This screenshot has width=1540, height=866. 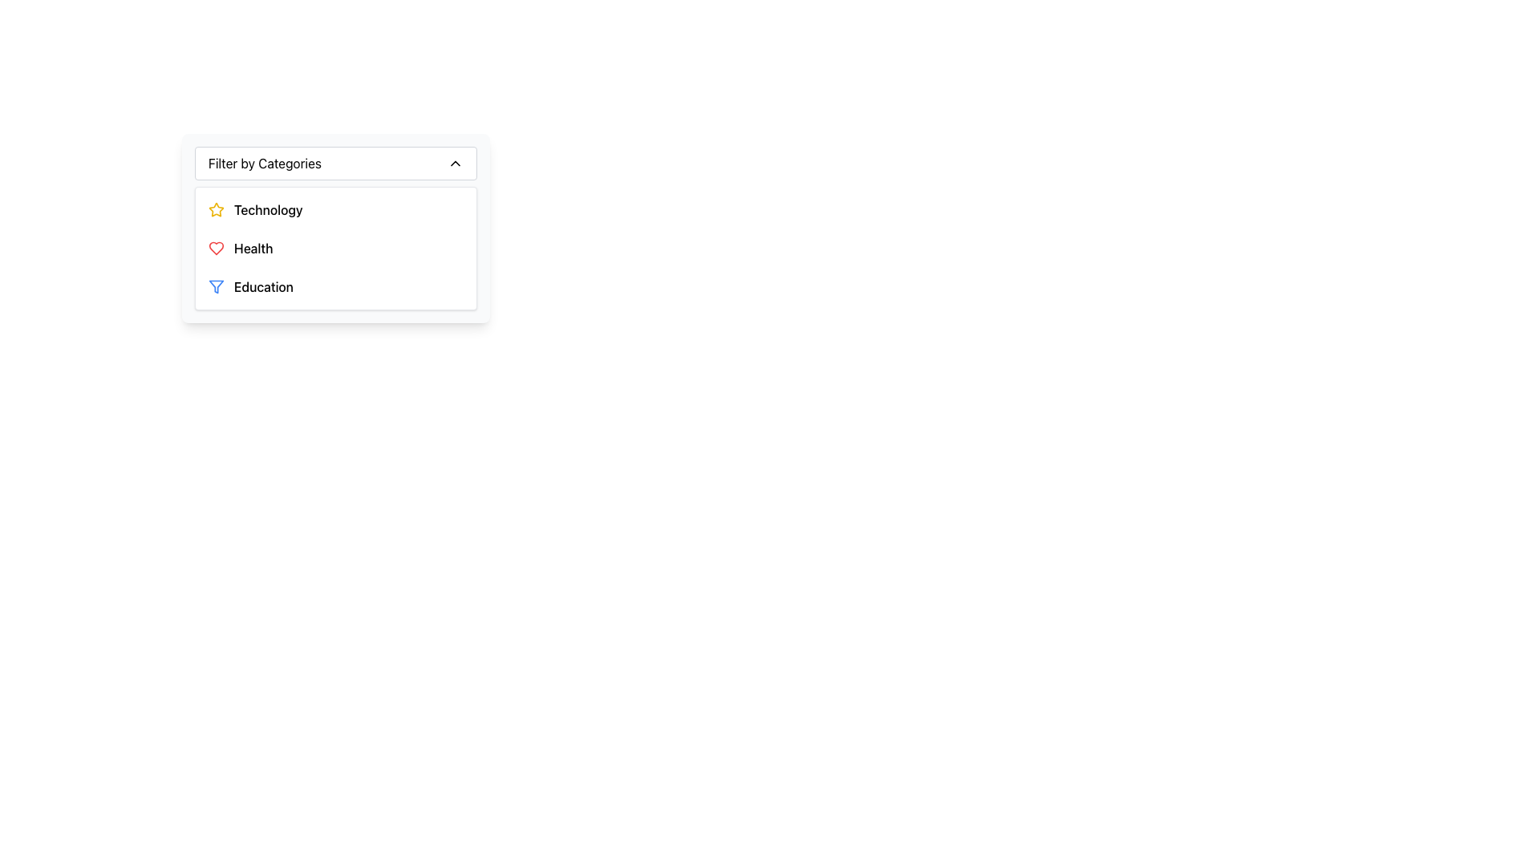 What do you see at coordinates (334, 248) in the screenshot?
I see `the 'Health' category item in the category filter list, which is located as the second item between 'Technology' and 'Education'` at bounding box center [334, 248].